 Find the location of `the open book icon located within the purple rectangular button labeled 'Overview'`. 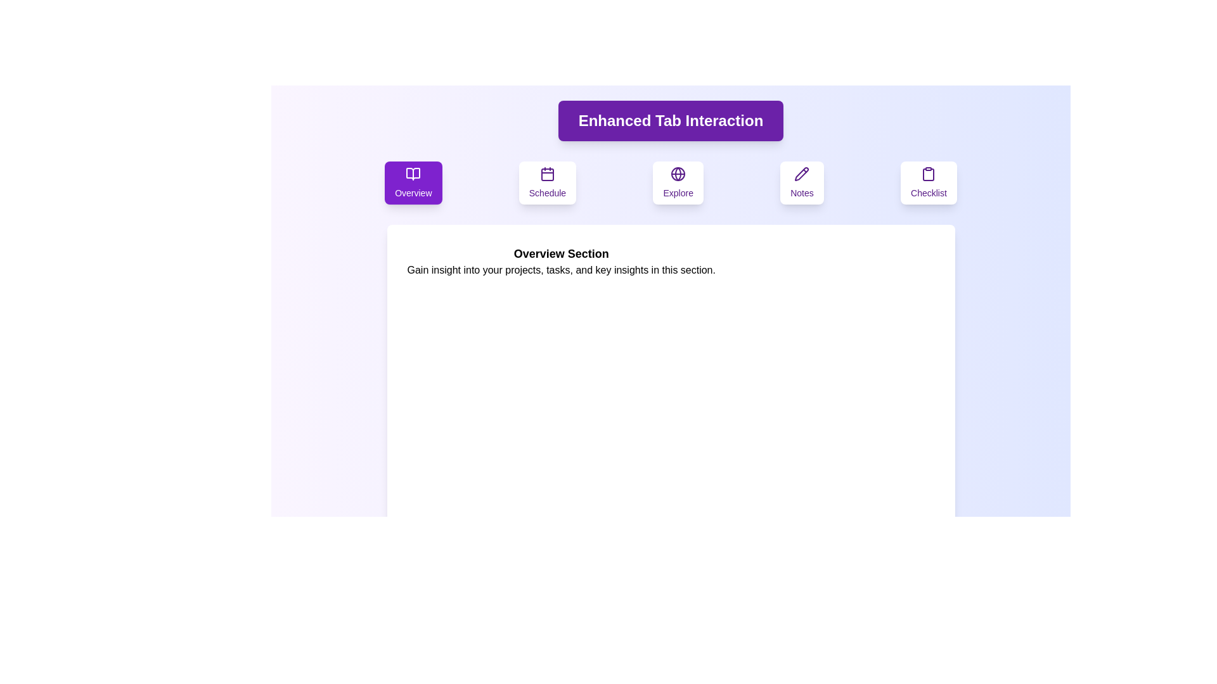

the open book icon located within the purple rectangular button labeled 'Overview' is located at coordinates (413, 174).